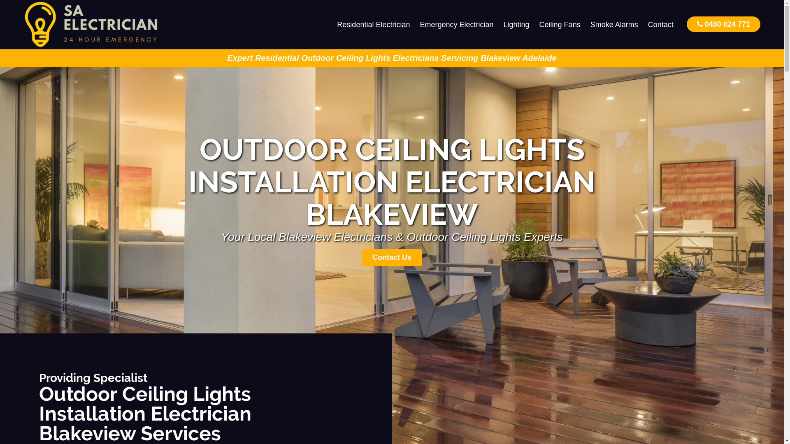  What do you see at coordinates (516, 24) in the screenshot?
I see `'Lighting'` at bounding box center [516, 24].